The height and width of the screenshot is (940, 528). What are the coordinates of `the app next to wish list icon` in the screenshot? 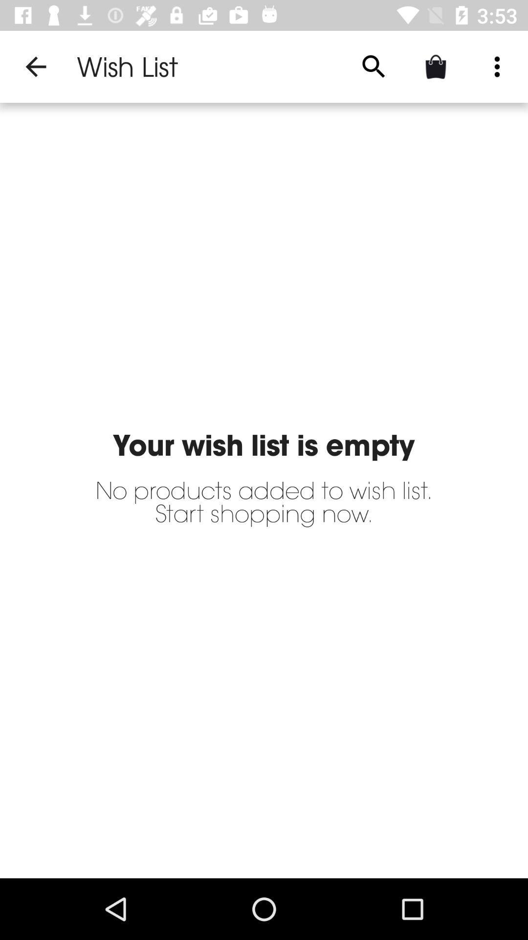 It's located at (35, 66).